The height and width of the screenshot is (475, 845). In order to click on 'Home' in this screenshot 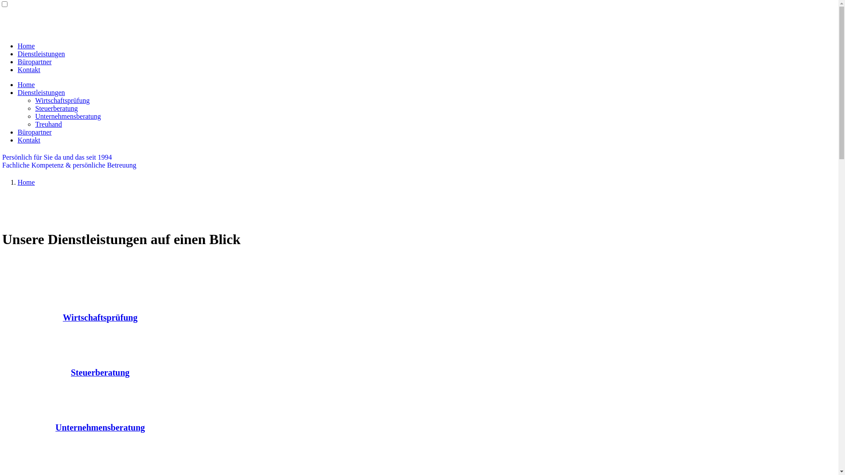, I will do `click(26, 46)`.